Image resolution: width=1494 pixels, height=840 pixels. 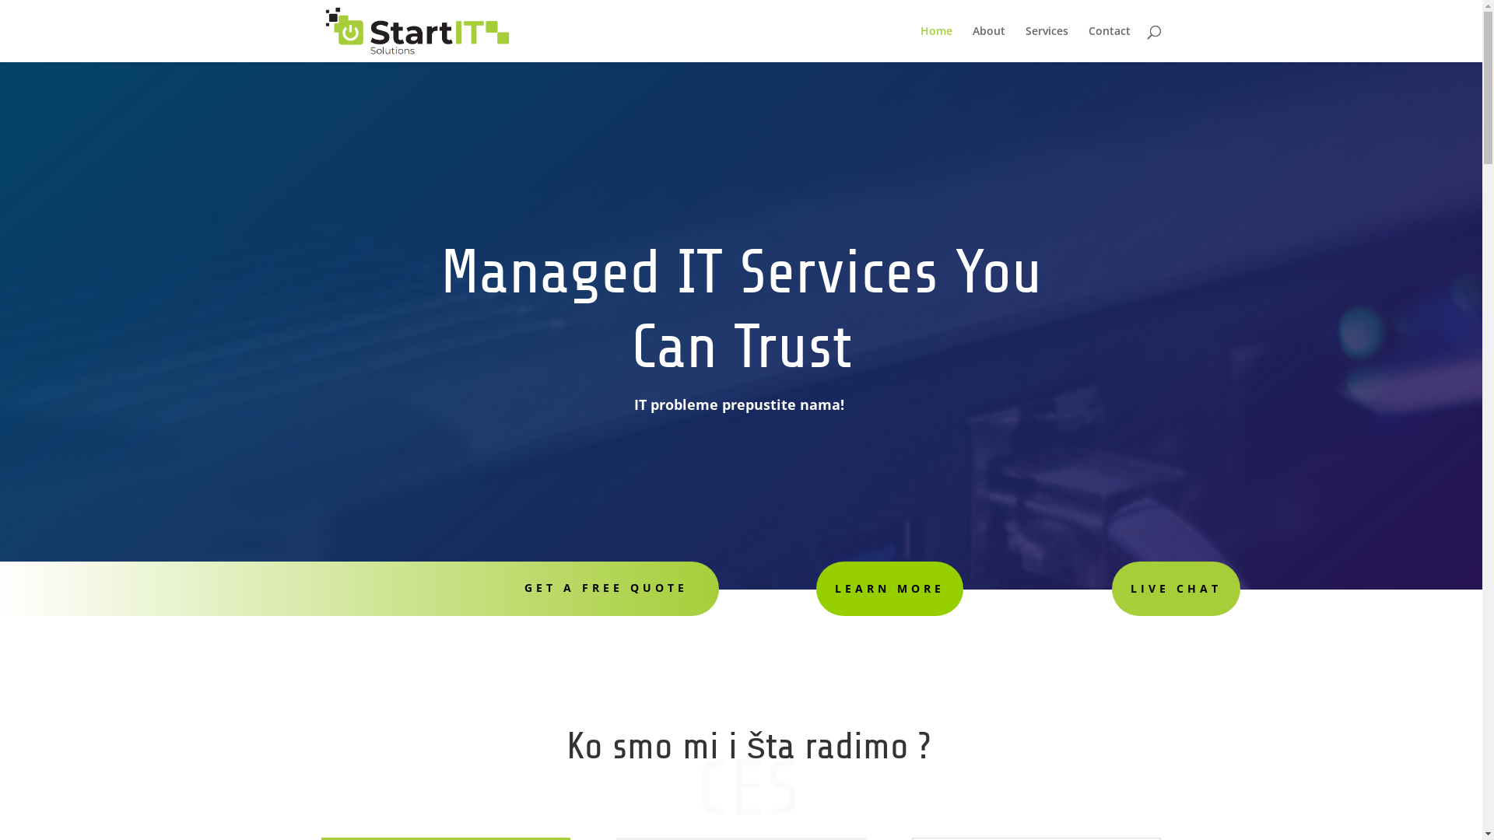 I want to click on 'Home', so click(x=919, y=43).